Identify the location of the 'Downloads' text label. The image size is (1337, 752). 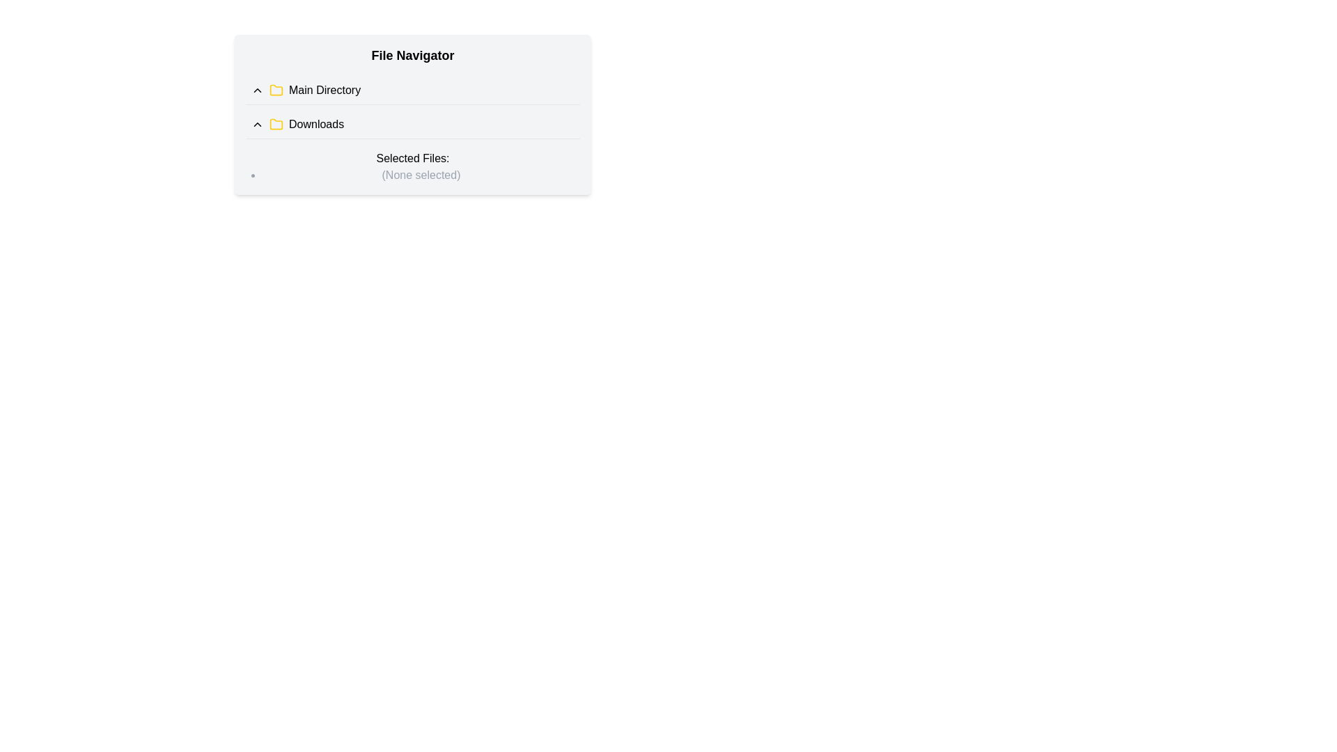
(315, 123).